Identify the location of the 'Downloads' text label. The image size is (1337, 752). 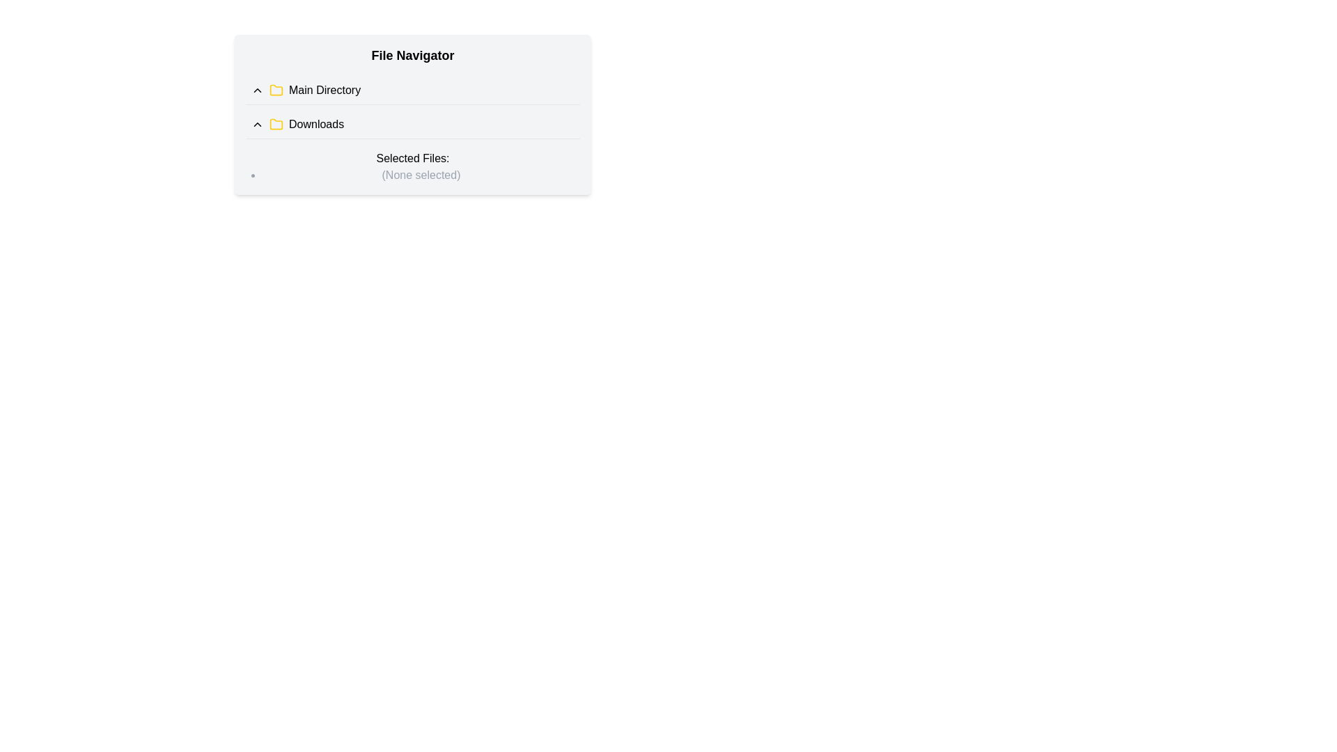
(315, 123).